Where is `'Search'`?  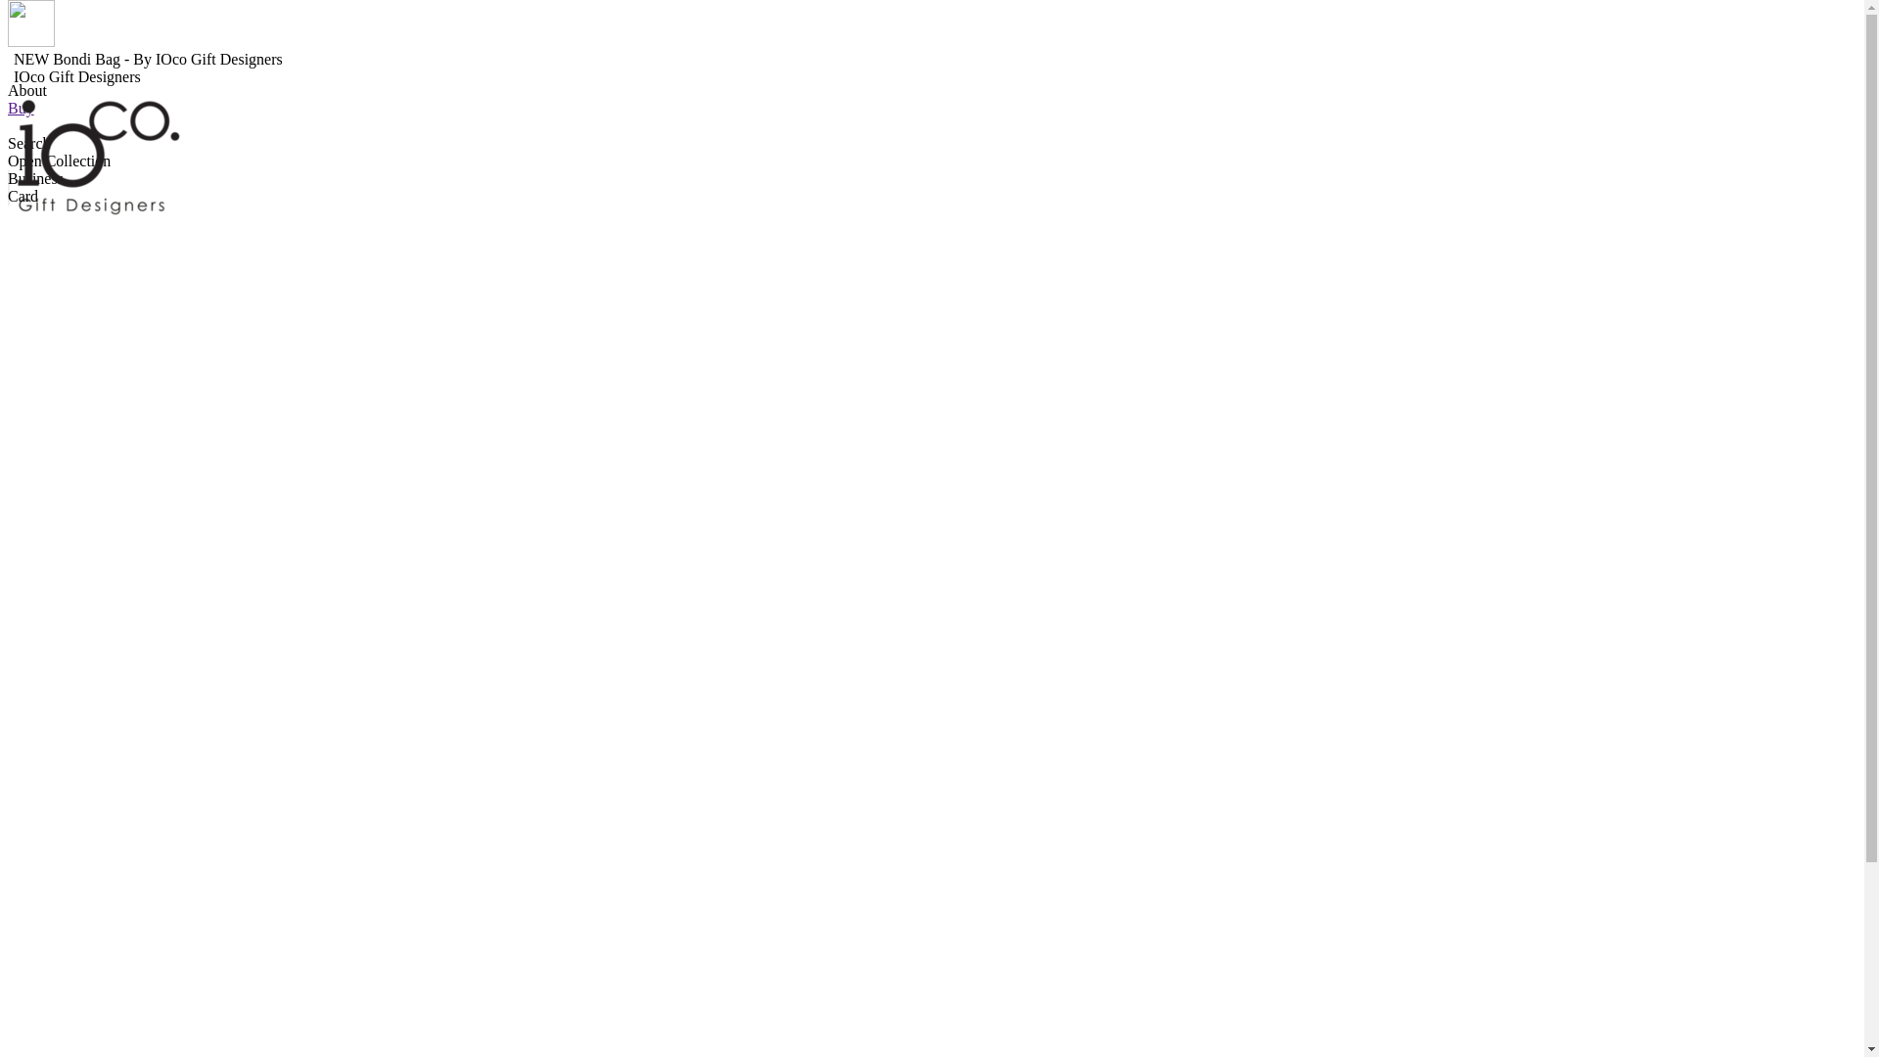
'Search' is located at coordinates (28, 142).